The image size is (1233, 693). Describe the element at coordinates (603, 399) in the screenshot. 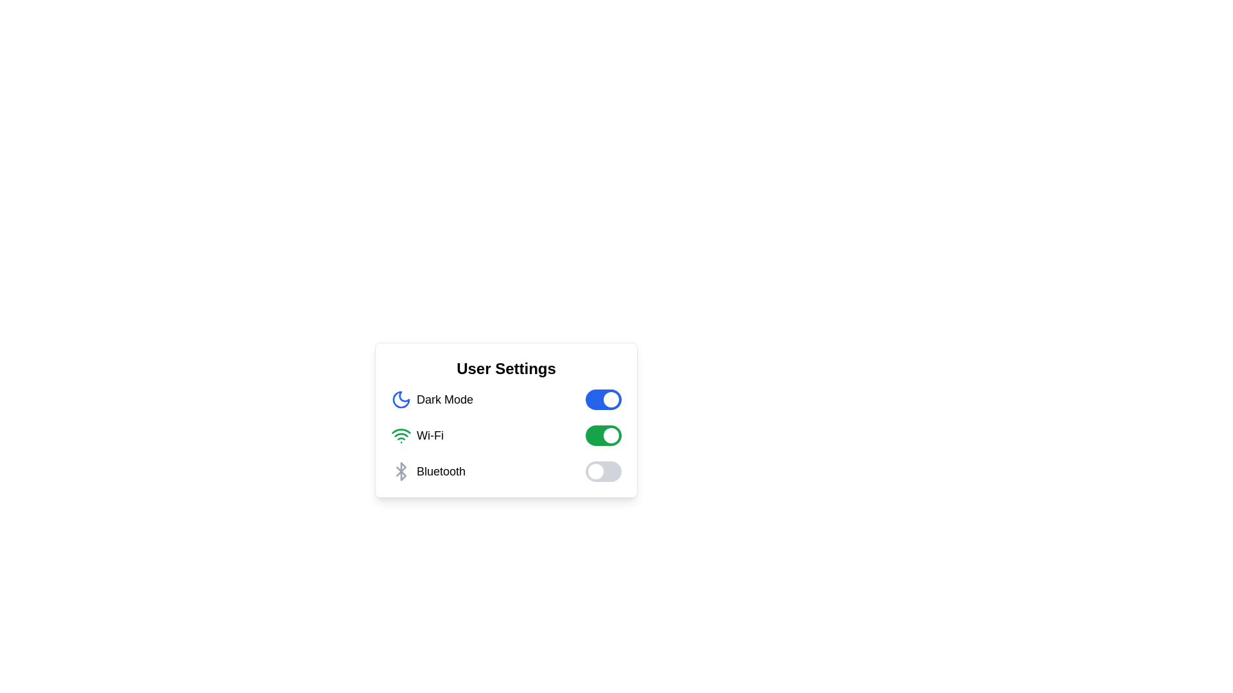

I see `the toggle handle of the 'Dark Mode' switch located at the rightmost part of the row` at that location.